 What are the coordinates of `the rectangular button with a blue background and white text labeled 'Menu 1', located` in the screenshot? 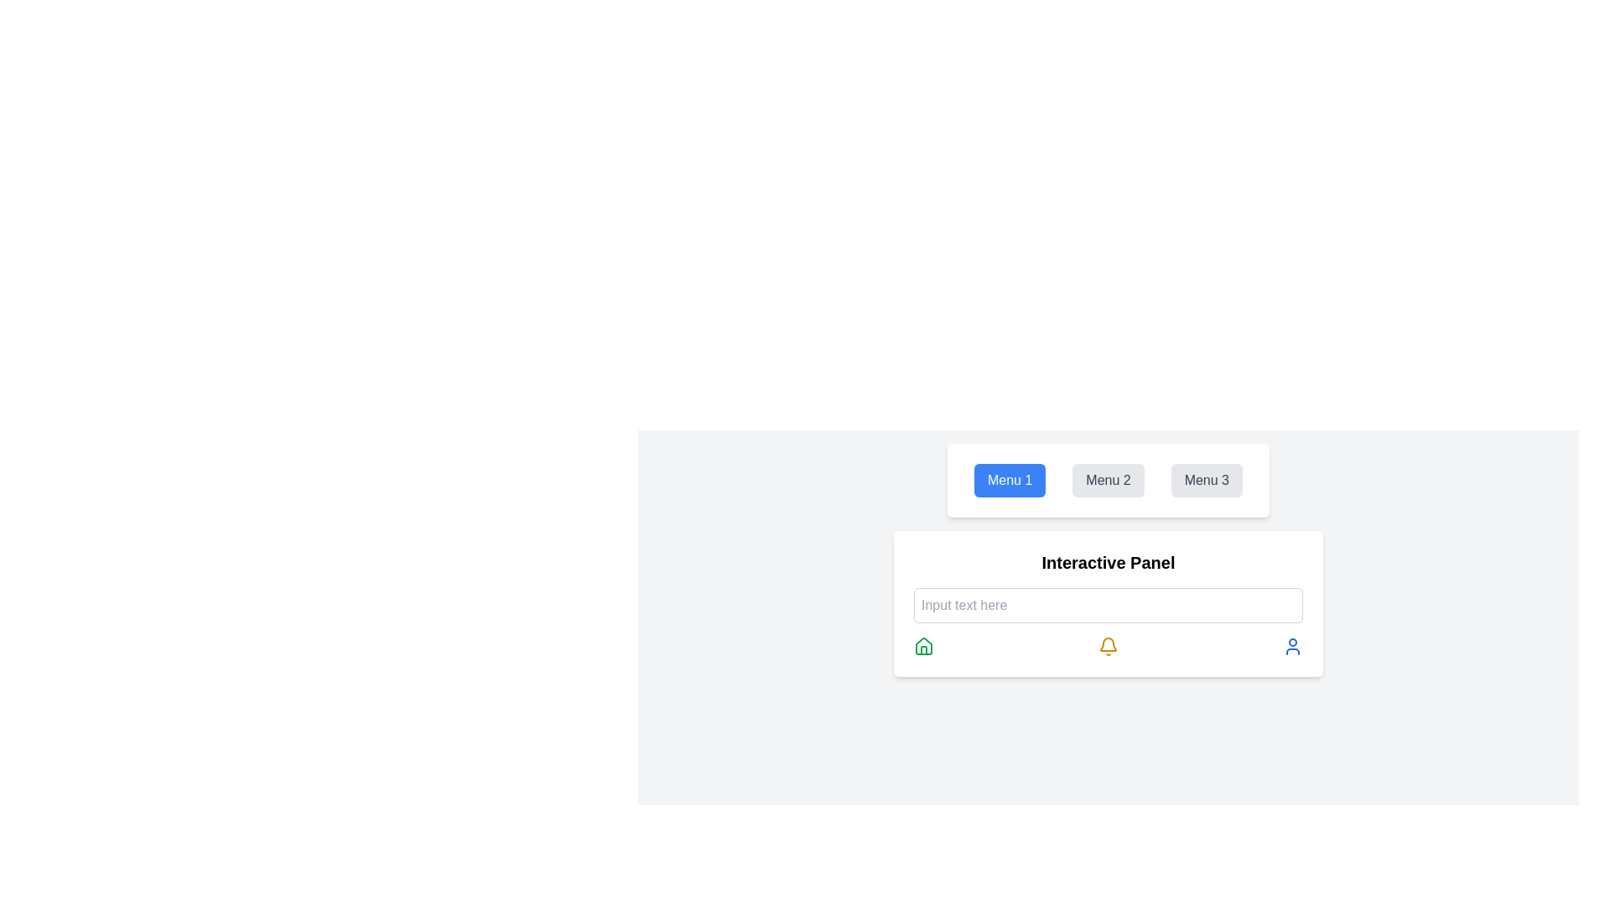 It's located at (1009, 481).